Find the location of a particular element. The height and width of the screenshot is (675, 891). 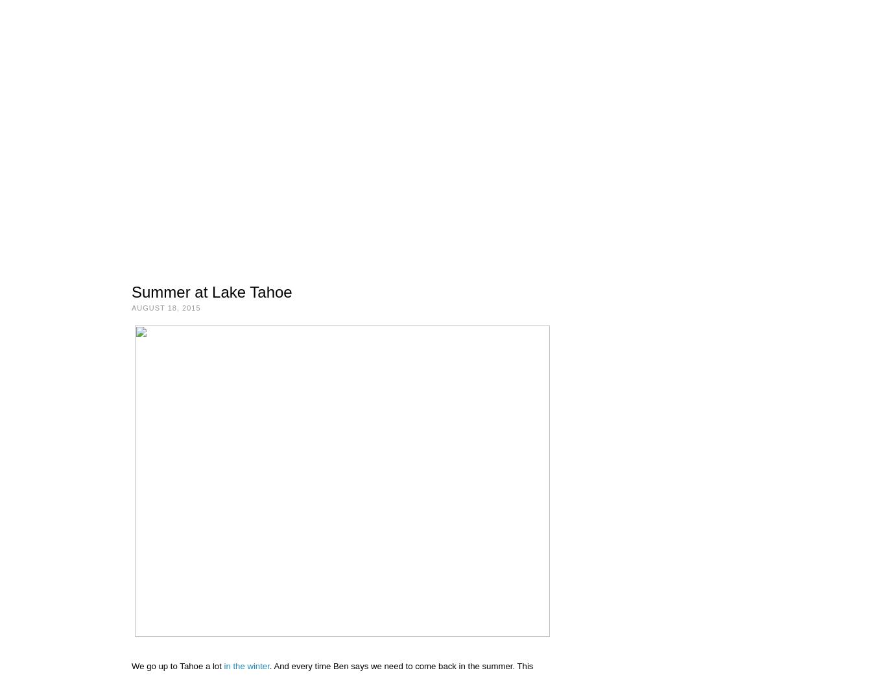

'Motorcycling' is located at coordinates (193, 168).